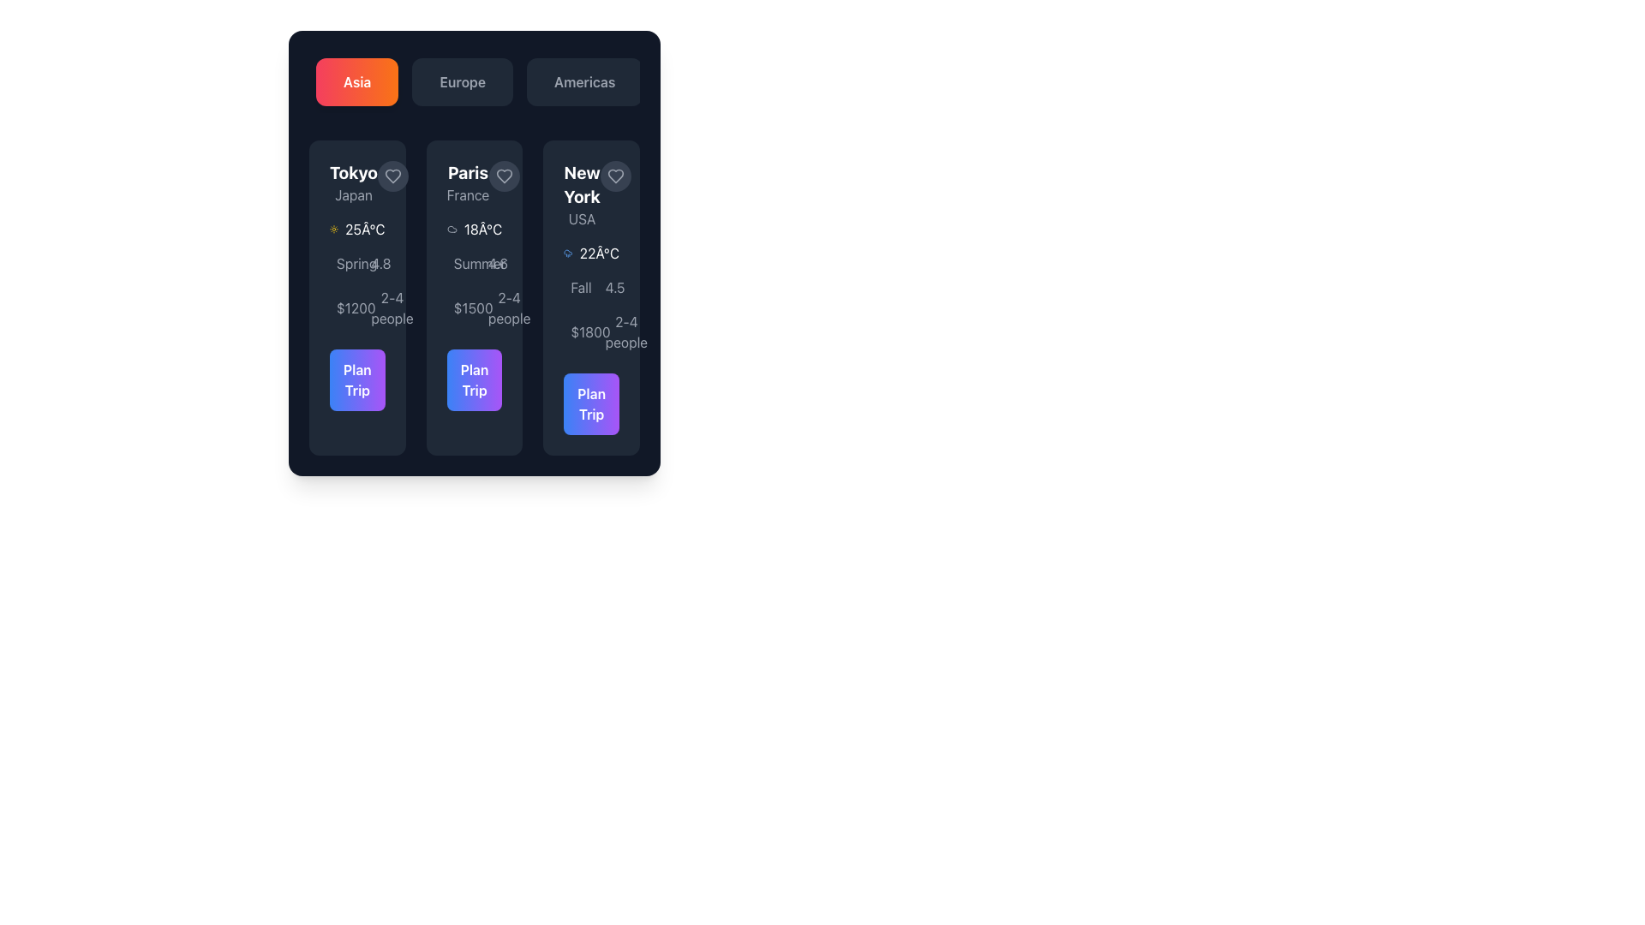  I want to click on the Text label located in the top-left corner of the first column, which precedes the word 'Japan', so click(352, 172).